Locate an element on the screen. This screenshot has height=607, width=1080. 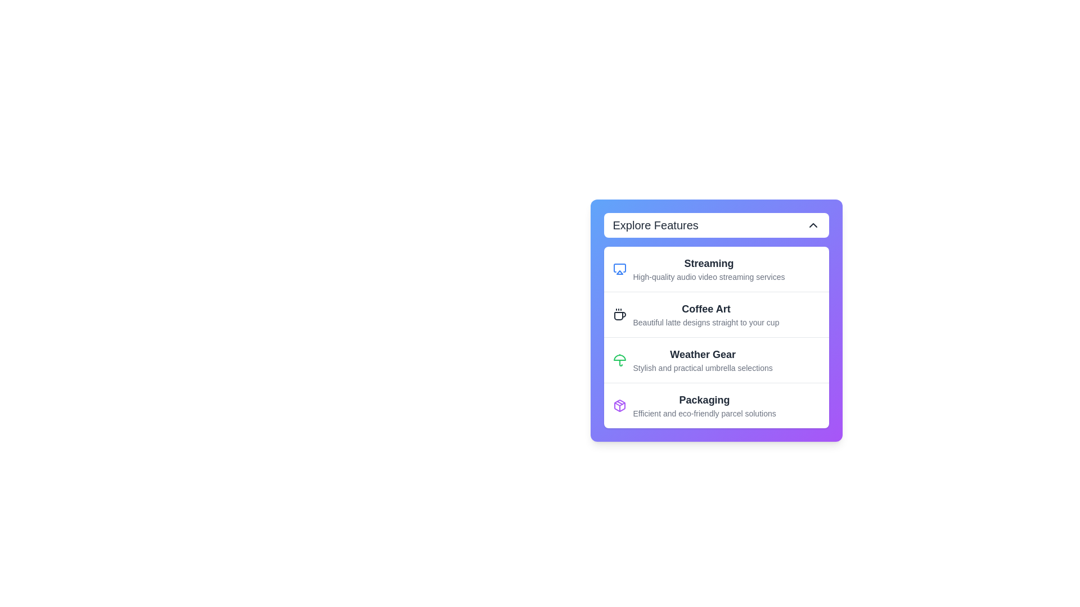
text element that is styled in a smaller gray font, located directly below the 'Streaming' heading, which reads: 'High-quality audio video streaming services' is located at coordinates (708, 277).